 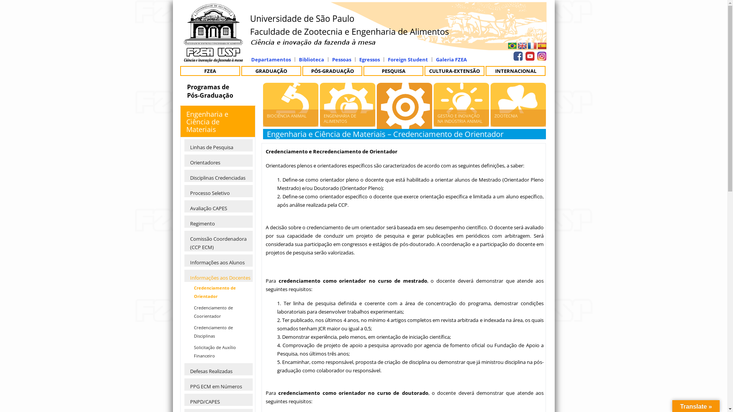 I want to click on 'Biblioteca', so click(x=311, y=58).